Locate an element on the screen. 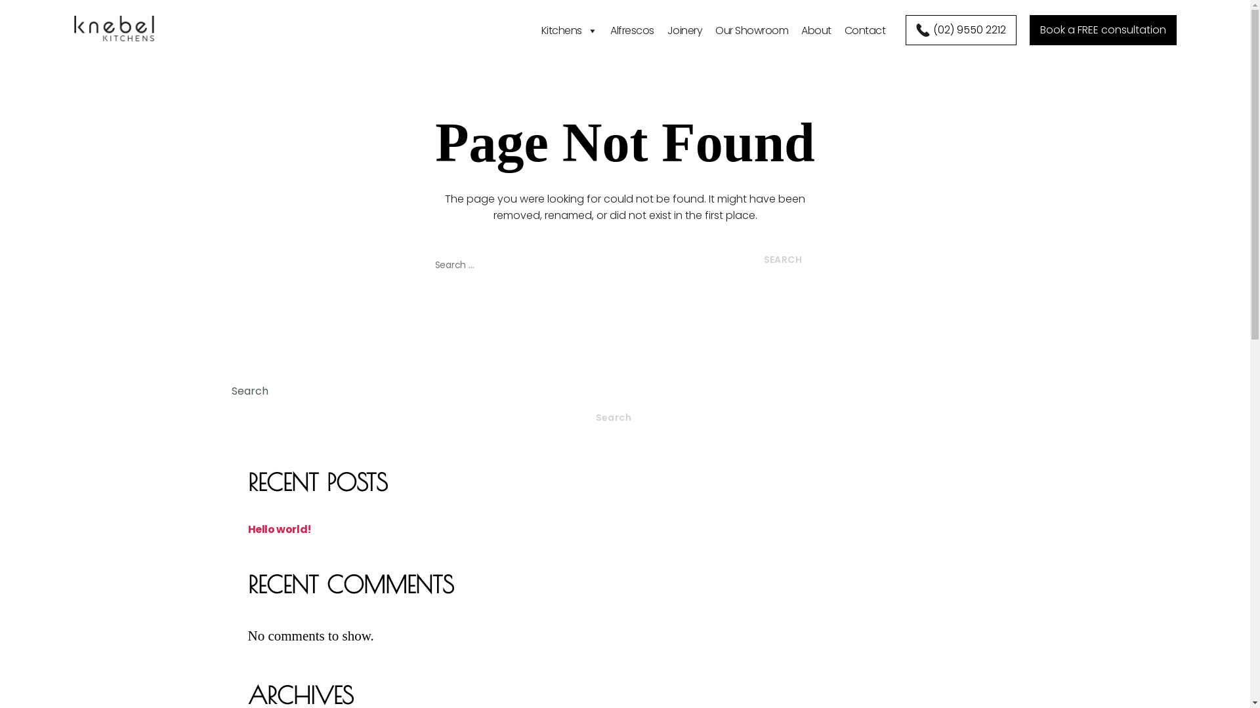 The width and height of the screenshot is (1260, 708). 'Hello world!' is located at coordinates (279, 528).